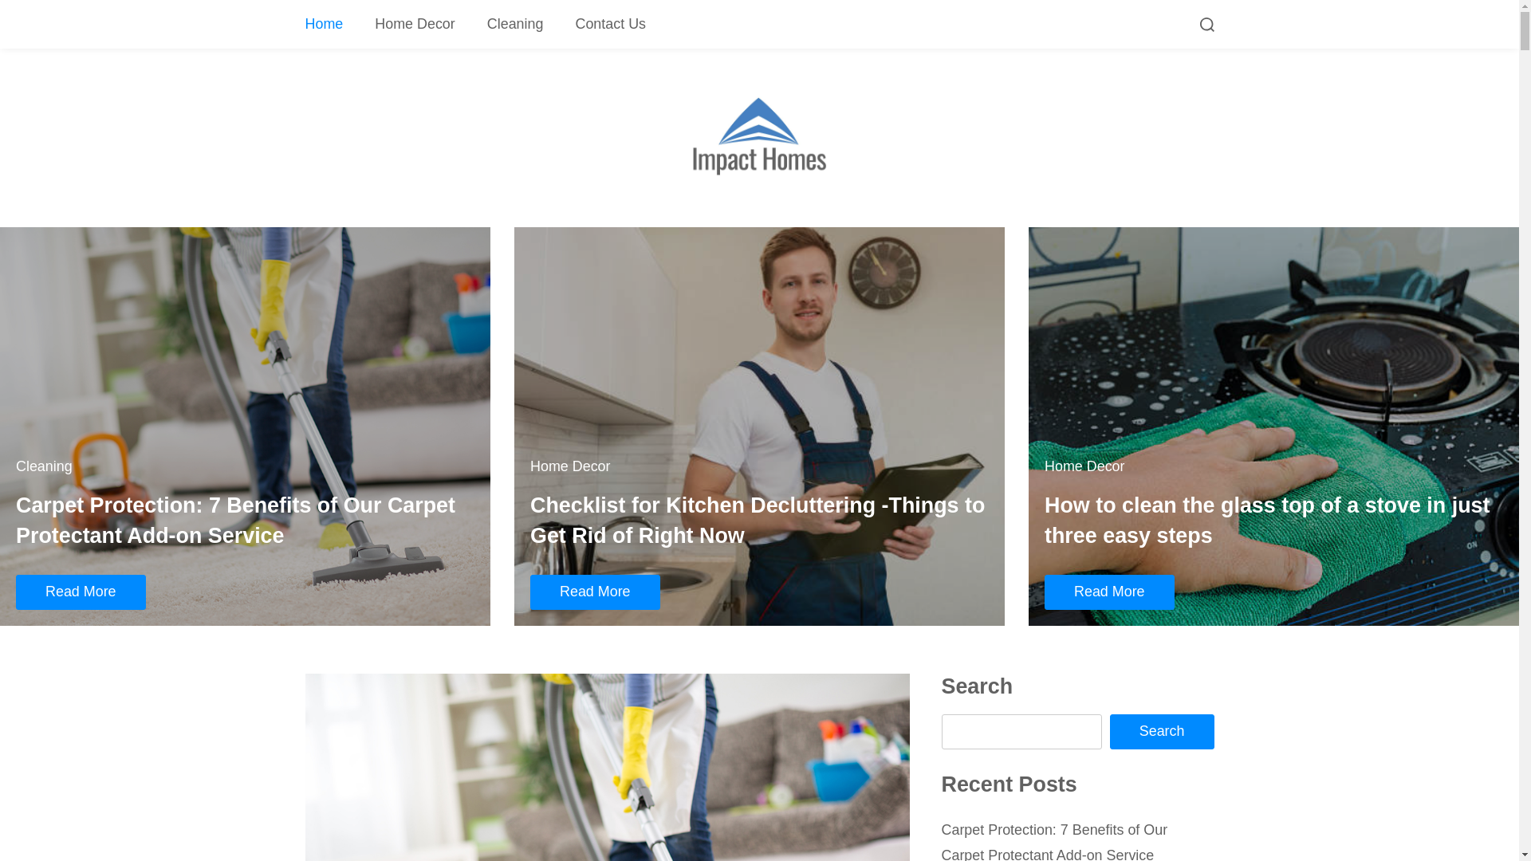  I want to click on 'Home Decor', so click(415, 24).